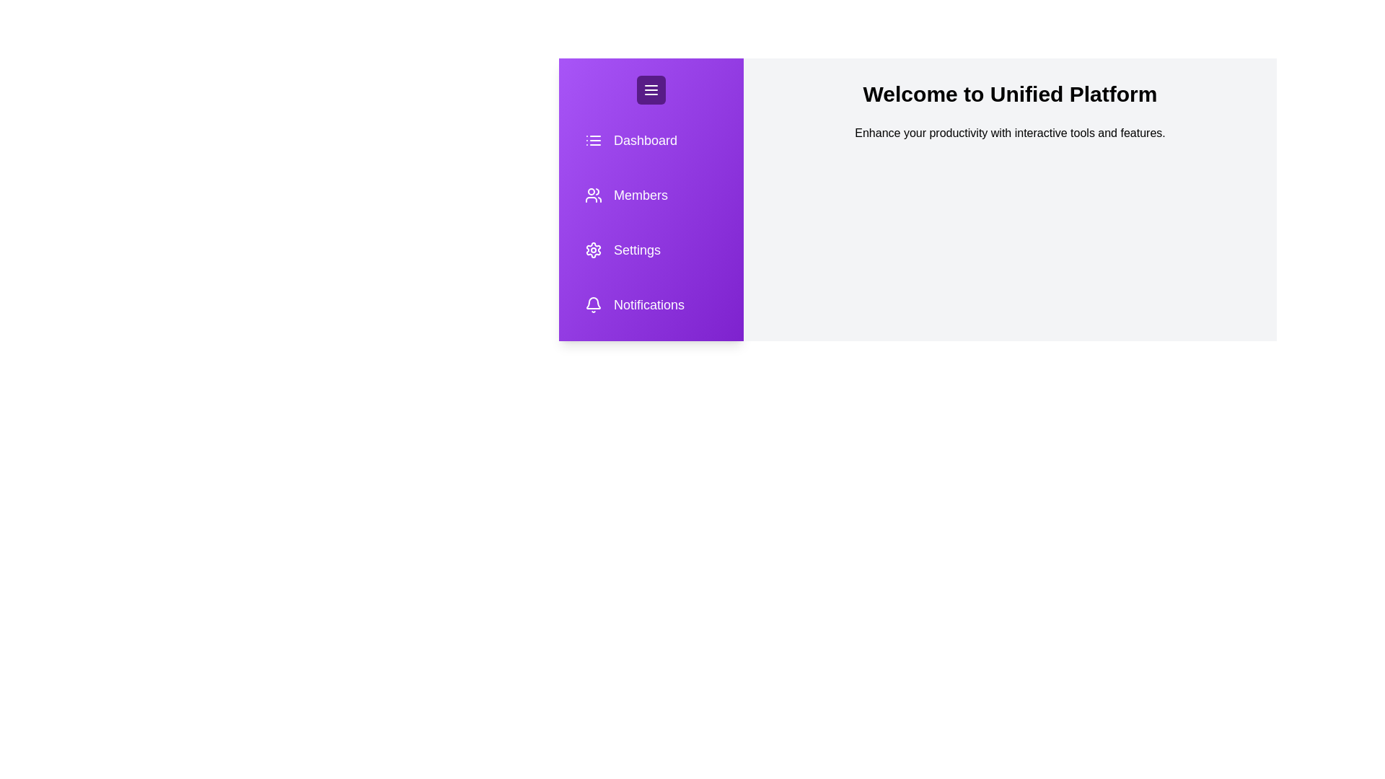 This screenshot has height=779, width=1385. Describe the element at coordinates (650, 304) in the screenshot. I see `the Notifications icon in the sidebar to navigate to the corresponding section` at that location.